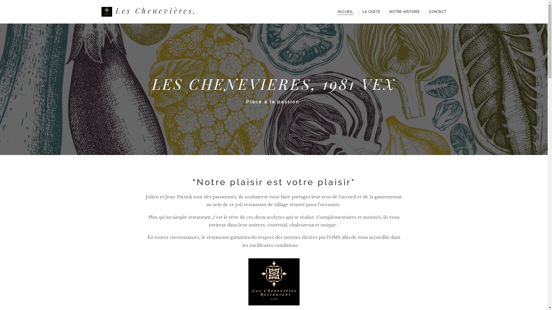 Image resolution: width=552 pixels, height=310 pixels. What do you see at coordinates (435, 12) in the screenshot?
I see `'CONTACT'` at bounding box center [435, 12].